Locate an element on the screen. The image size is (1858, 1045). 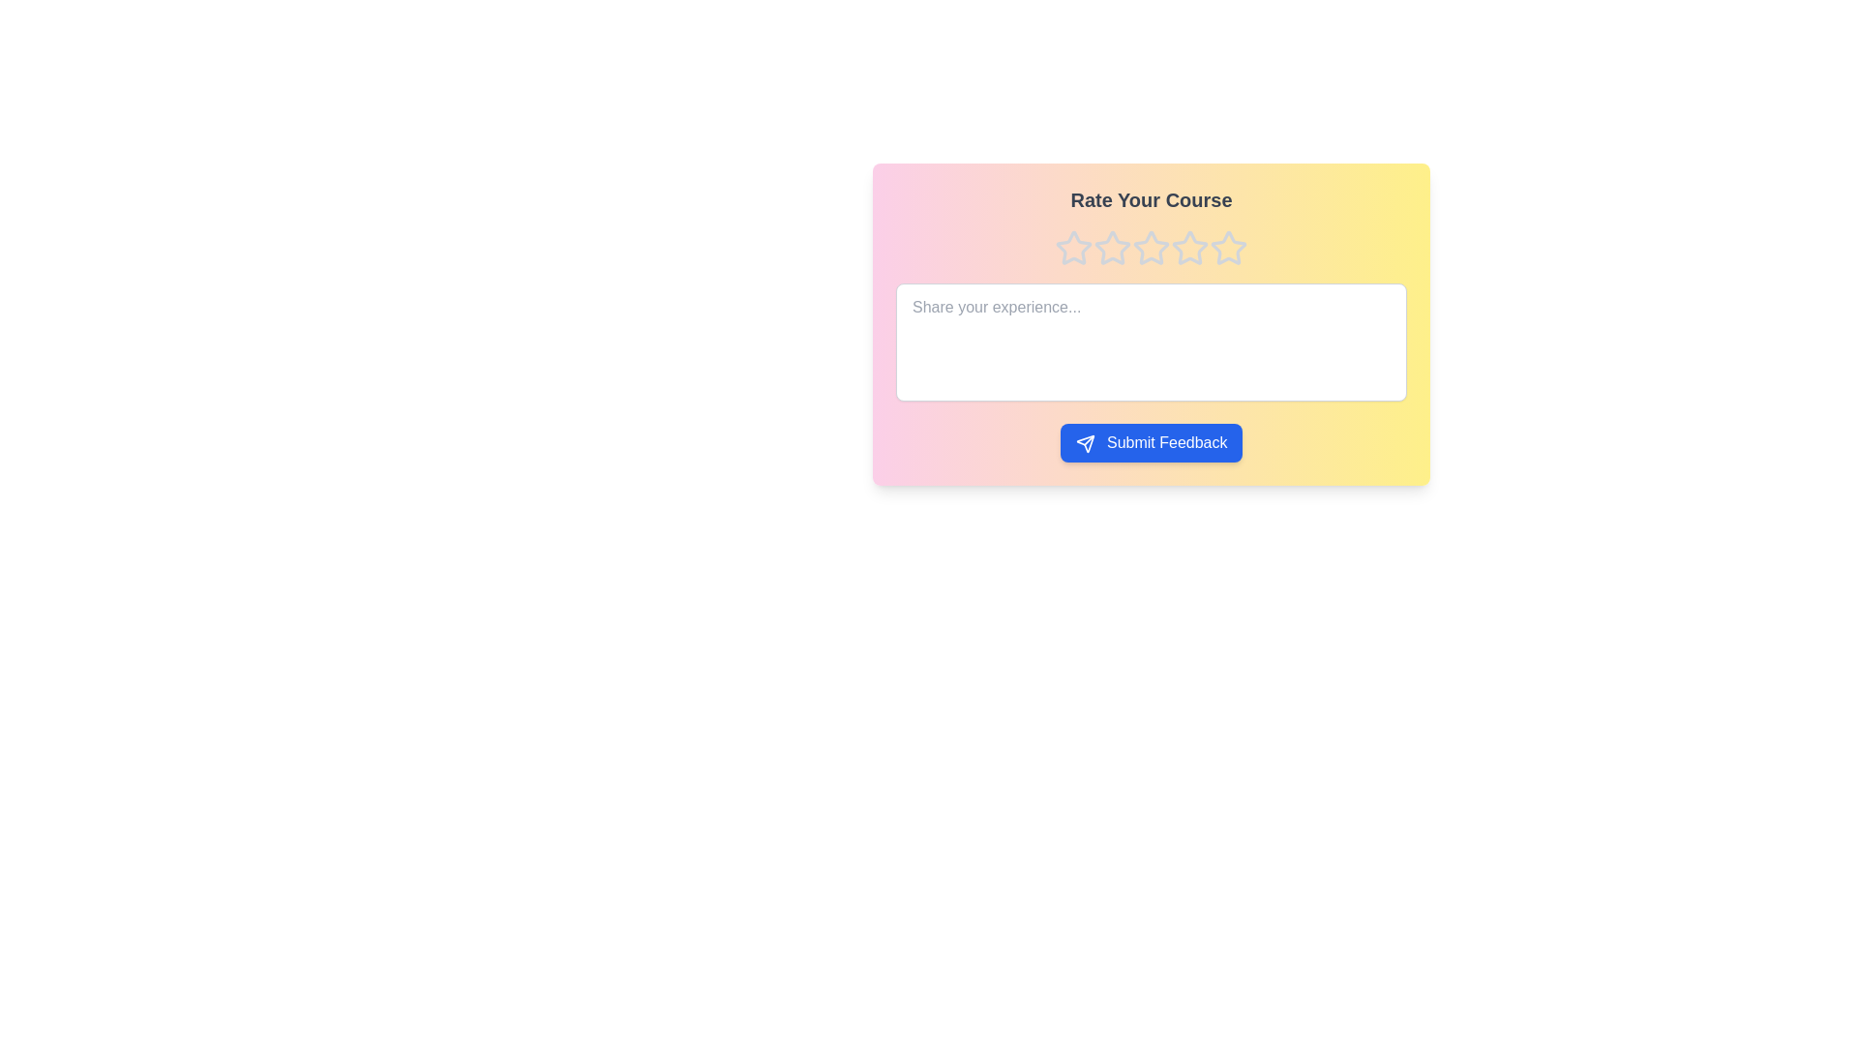
the decorative icon within the 'Submit Feedback' button, which is positioned to the left of the button's text is located at coordinates (1085, 443).